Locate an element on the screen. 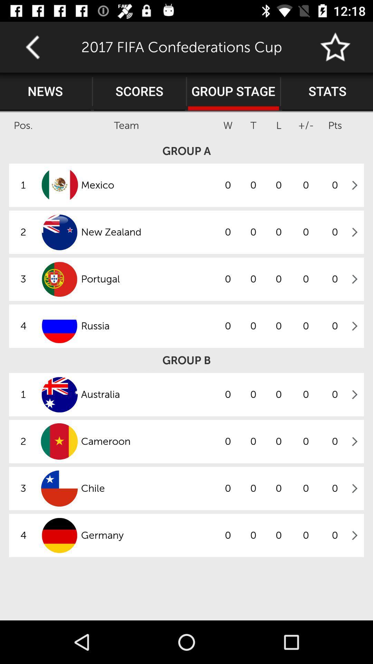 The image size is (373, 664). the icon above the pos. icon is located at coordinates (45, 91).